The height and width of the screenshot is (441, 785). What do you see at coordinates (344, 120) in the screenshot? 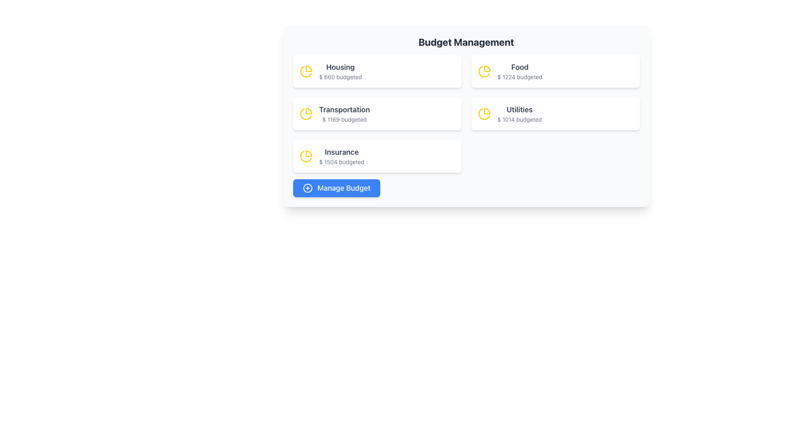
I see `text content of the budgeted amount associated with the category 'Transportation' in the financial management interface, located in the second position of the first column of the budget items grid` at bounding box center [344, 120].